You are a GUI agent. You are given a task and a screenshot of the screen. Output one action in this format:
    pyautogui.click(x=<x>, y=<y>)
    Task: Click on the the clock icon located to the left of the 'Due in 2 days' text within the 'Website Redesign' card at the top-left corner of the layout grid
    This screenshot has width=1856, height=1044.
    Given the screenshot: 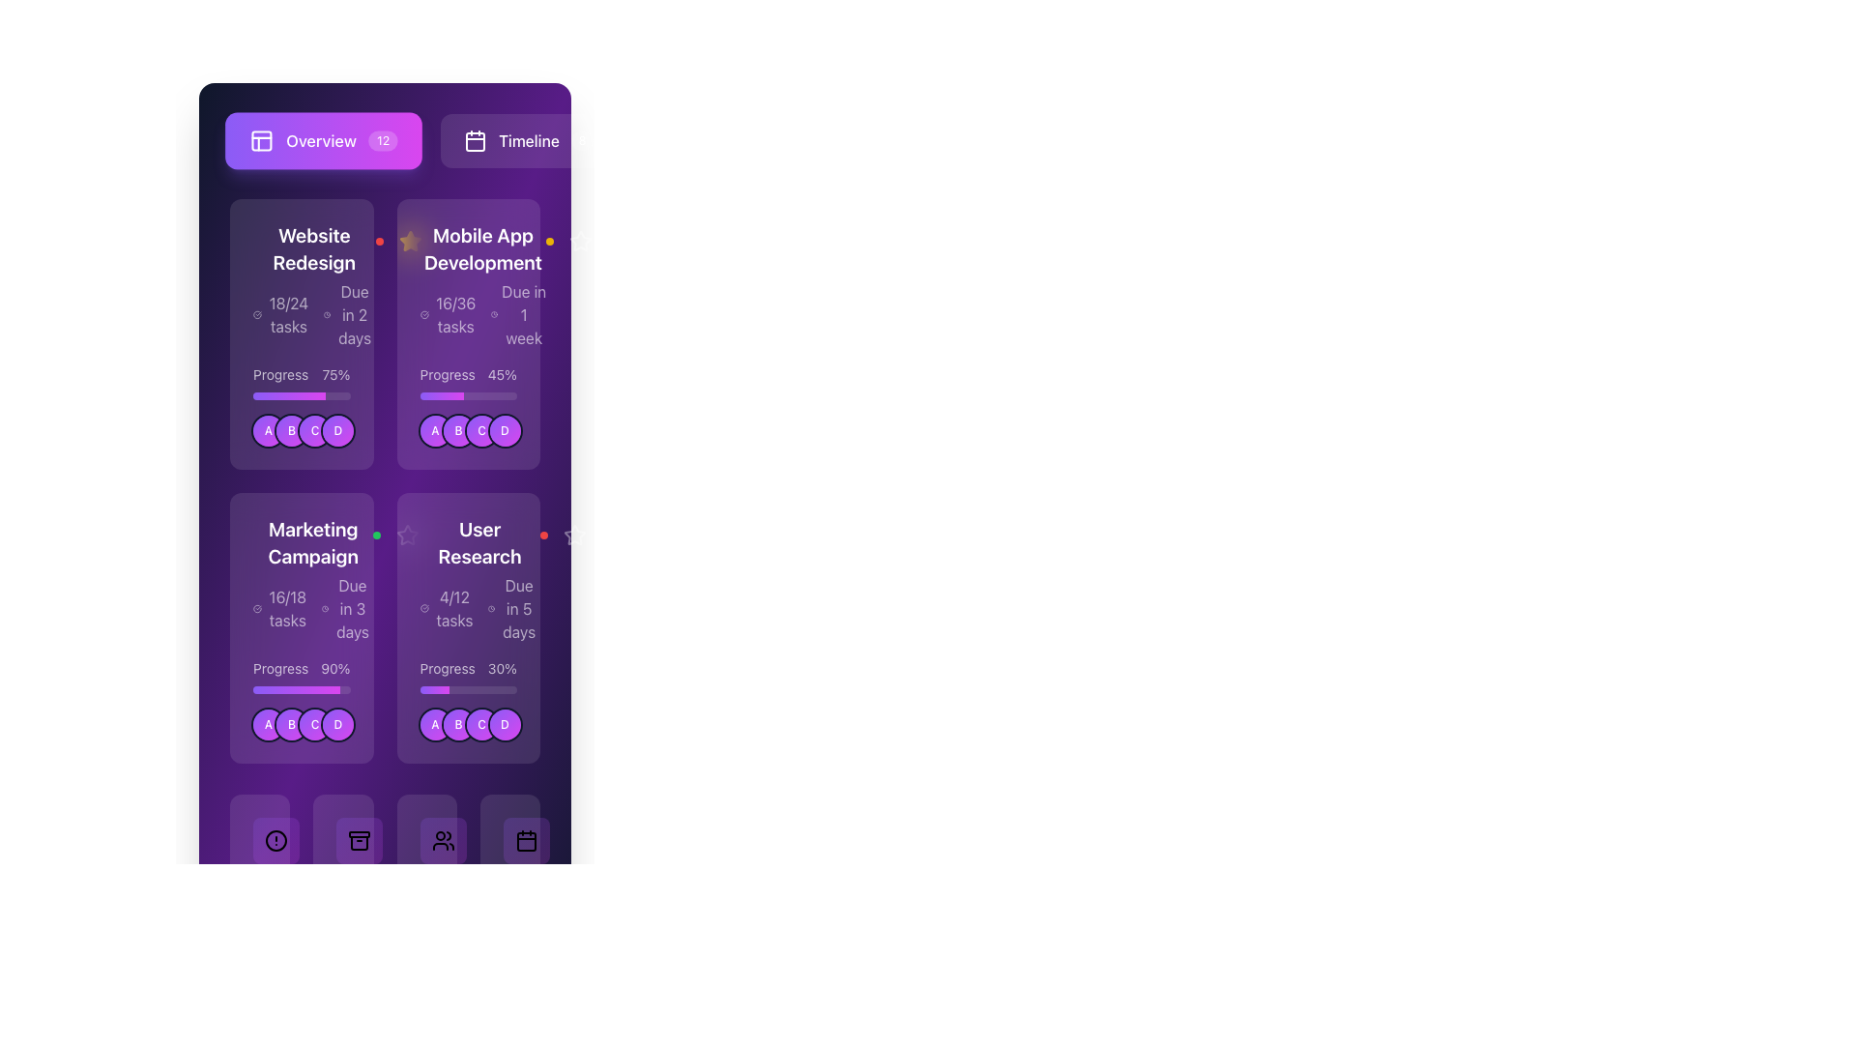 What is the action you would take?
    pyautogui.click(x=327, y=314)
    